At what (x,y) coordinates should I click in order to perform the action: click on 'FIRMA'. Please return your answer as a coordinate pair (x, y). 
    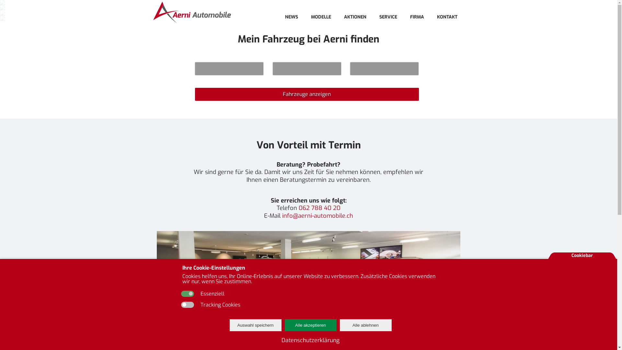
    Looking at the image, I should click on (417, 17).